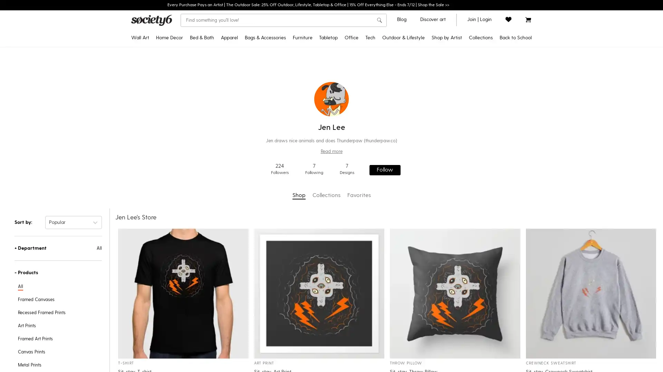 This screenshot has height=372, width=663. I want to click on Wine Chillers, so click(341, 133).